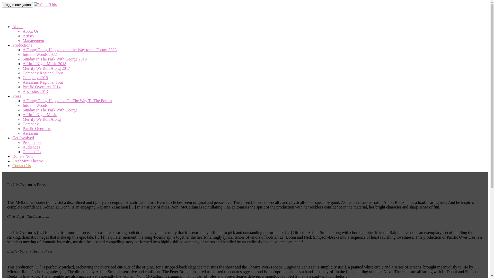 The height and width of the screenshot is (278, 494). What do you see at coordinates (27, 161) in the screenshot?
I see `'FreshMint Theatre'` at bounding box center [27, 161].